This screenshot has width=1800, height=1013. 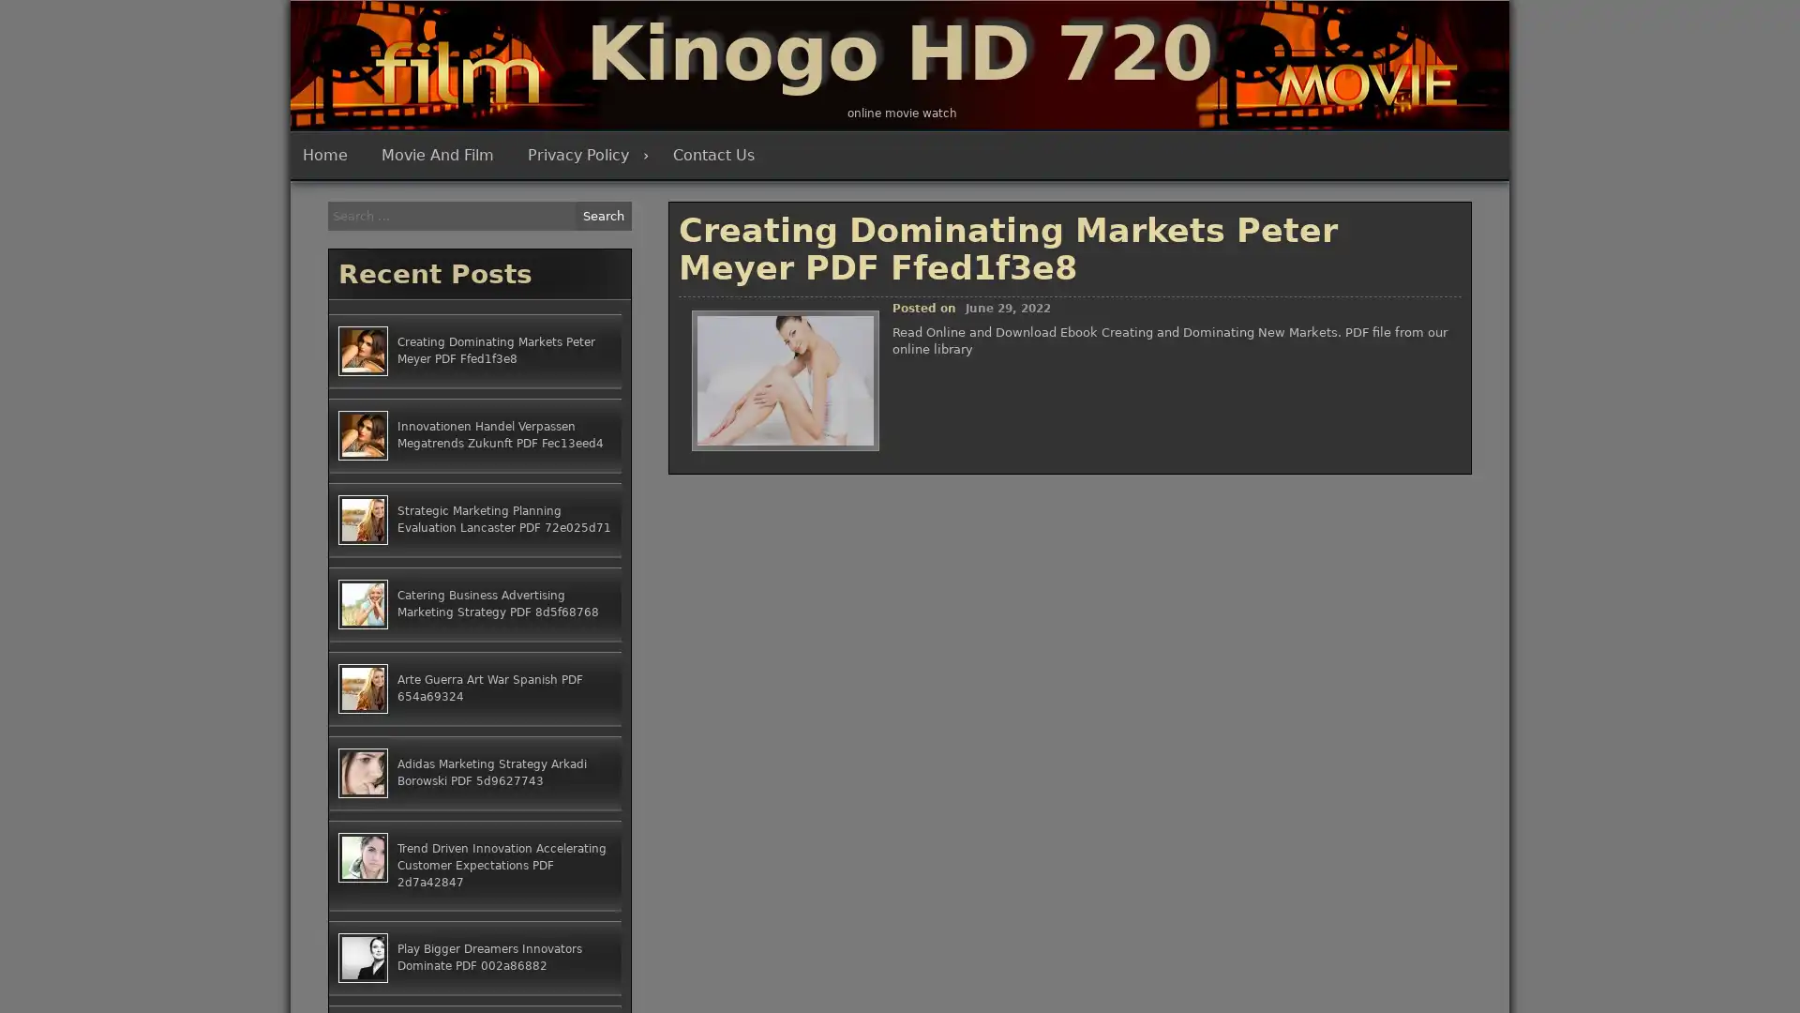 I want to click on Search, so click(x=603, y=215).